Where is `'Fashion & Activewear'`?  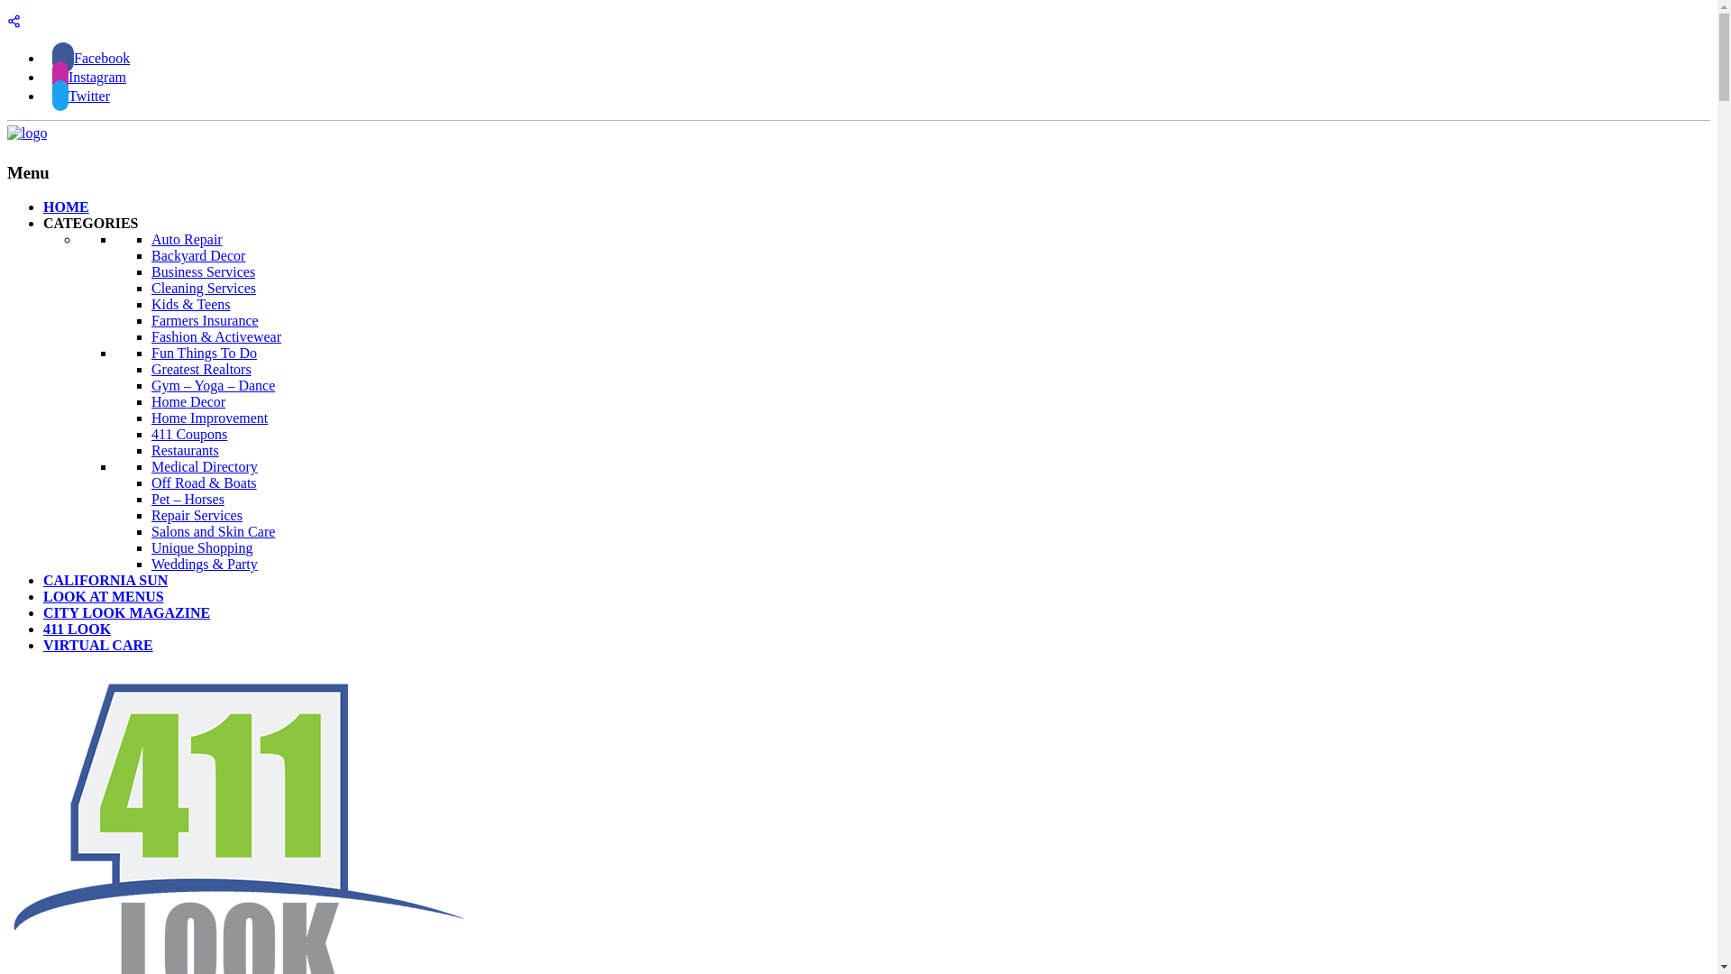
'Fashion & Activewear' is located at coordinates (216, 336).